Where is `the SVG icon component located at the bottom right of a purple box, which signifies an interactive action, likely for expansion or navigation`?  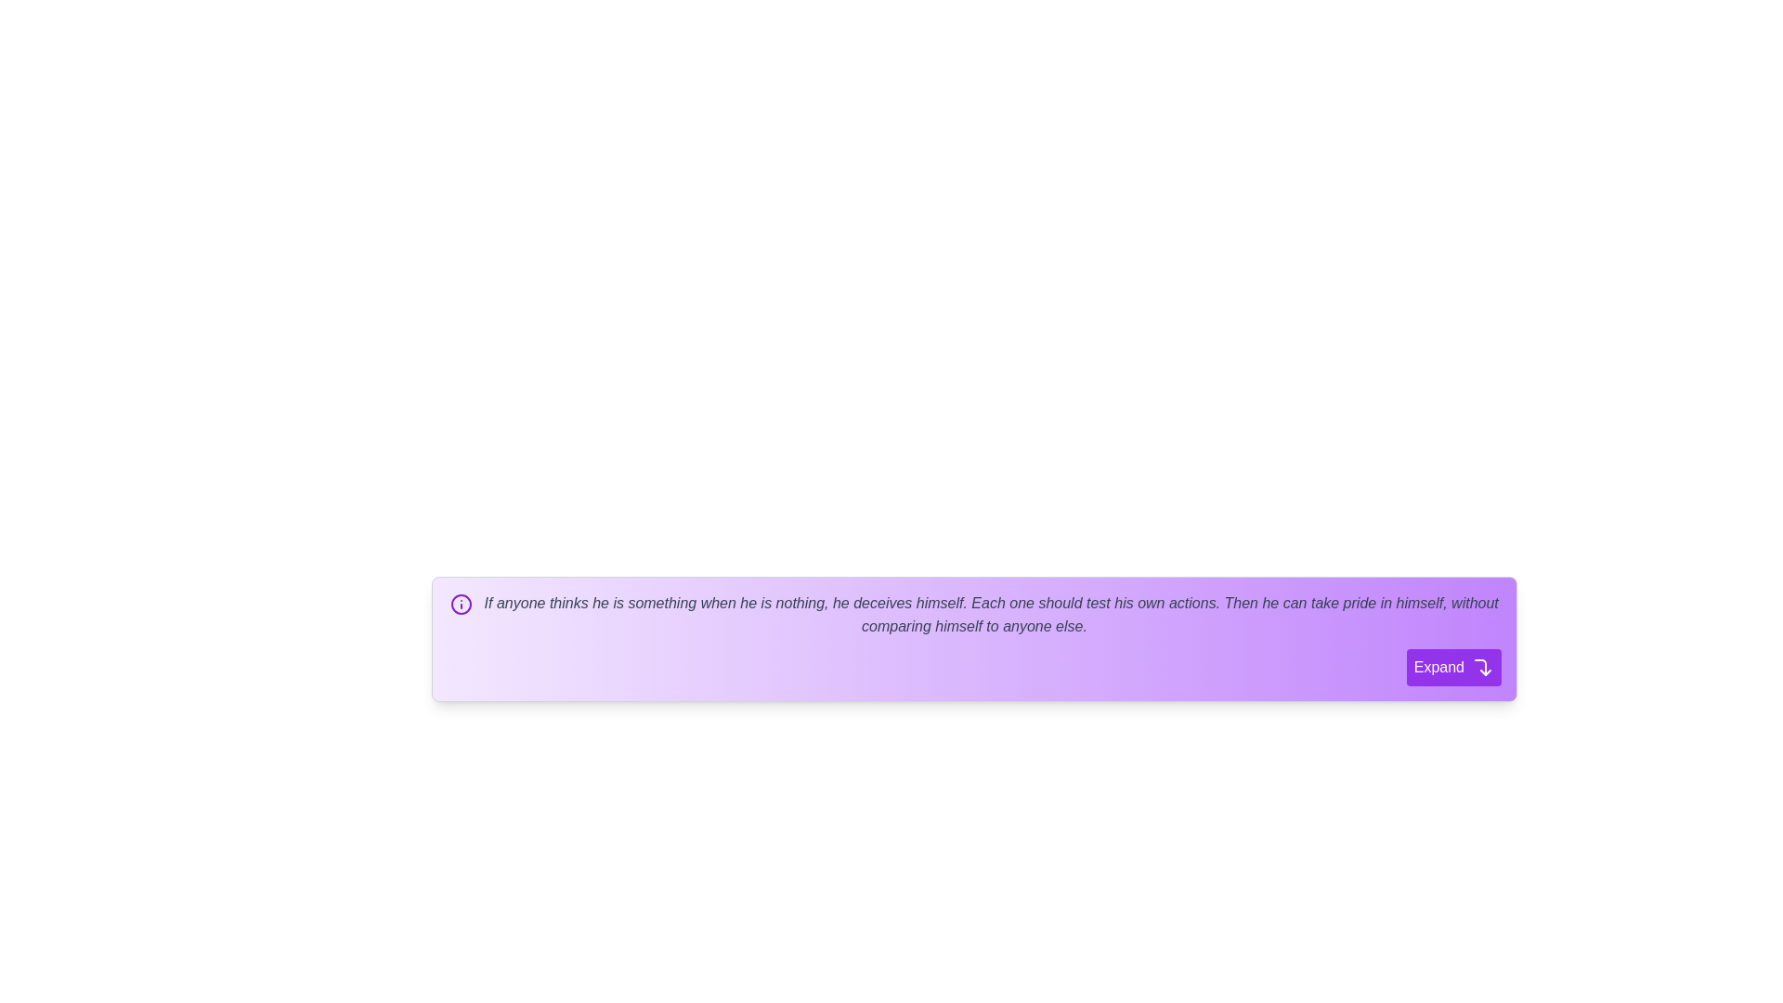
the SVG icon component located at the bottom right of a purple box, which signifies an interactive action, likely for expansion or navigation is located at coordinates (1479, 666).